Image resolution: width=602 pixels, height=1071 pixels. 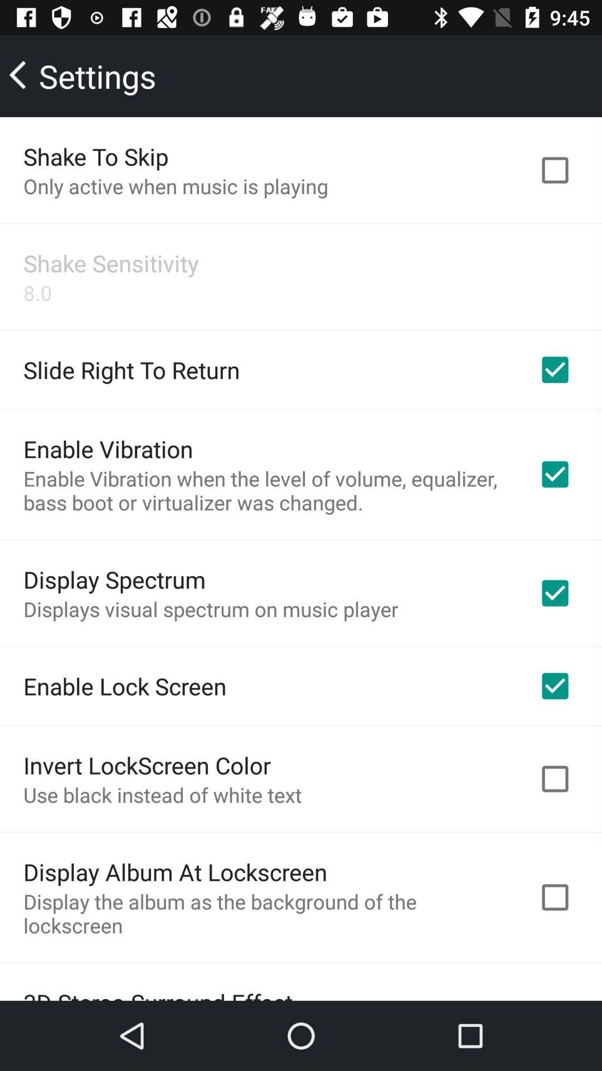 What do you see at coordinates (37, 292) in the screenshot?
I see `the app above the slide right to item` at bounding box center [37, 292].